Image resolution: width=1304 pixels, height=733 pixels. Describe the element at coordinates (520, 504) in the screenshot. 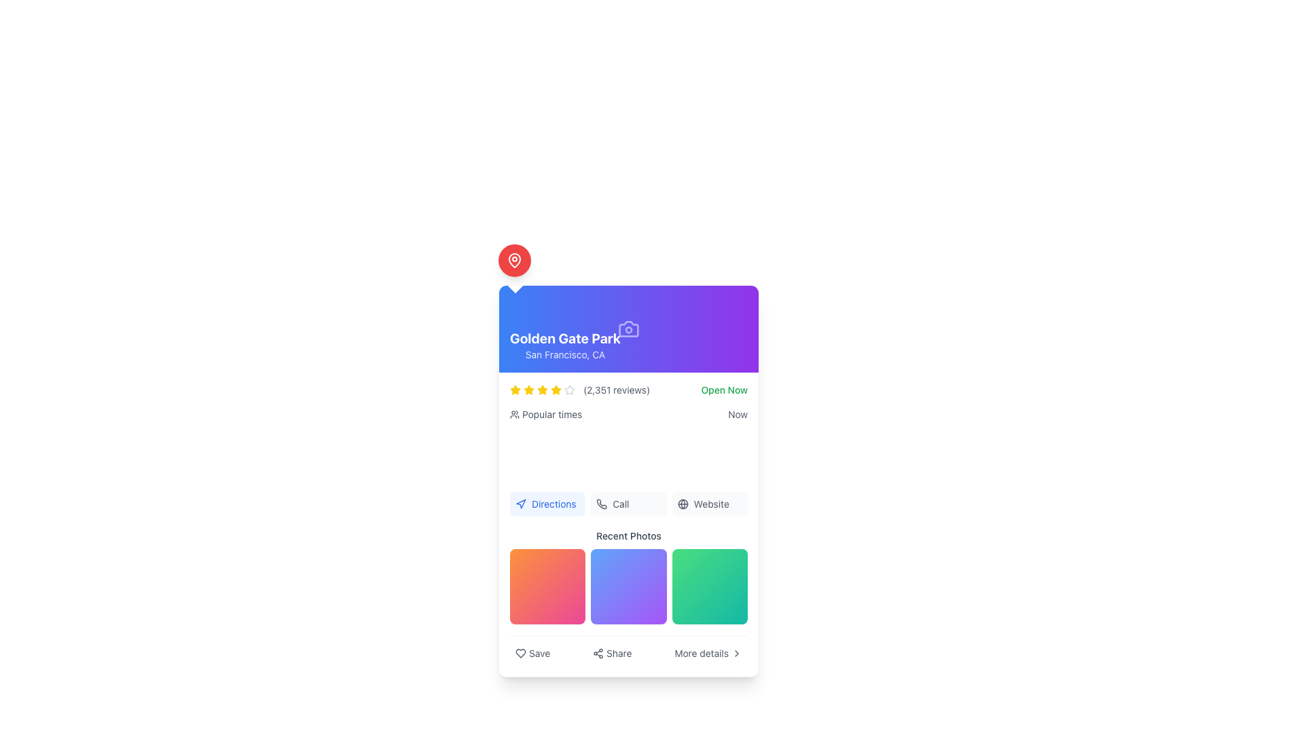

I see `the blue navigation arrow icon located within the 'Directions' button, which is part of a horizontal list of options beneath the main content section` at that location.